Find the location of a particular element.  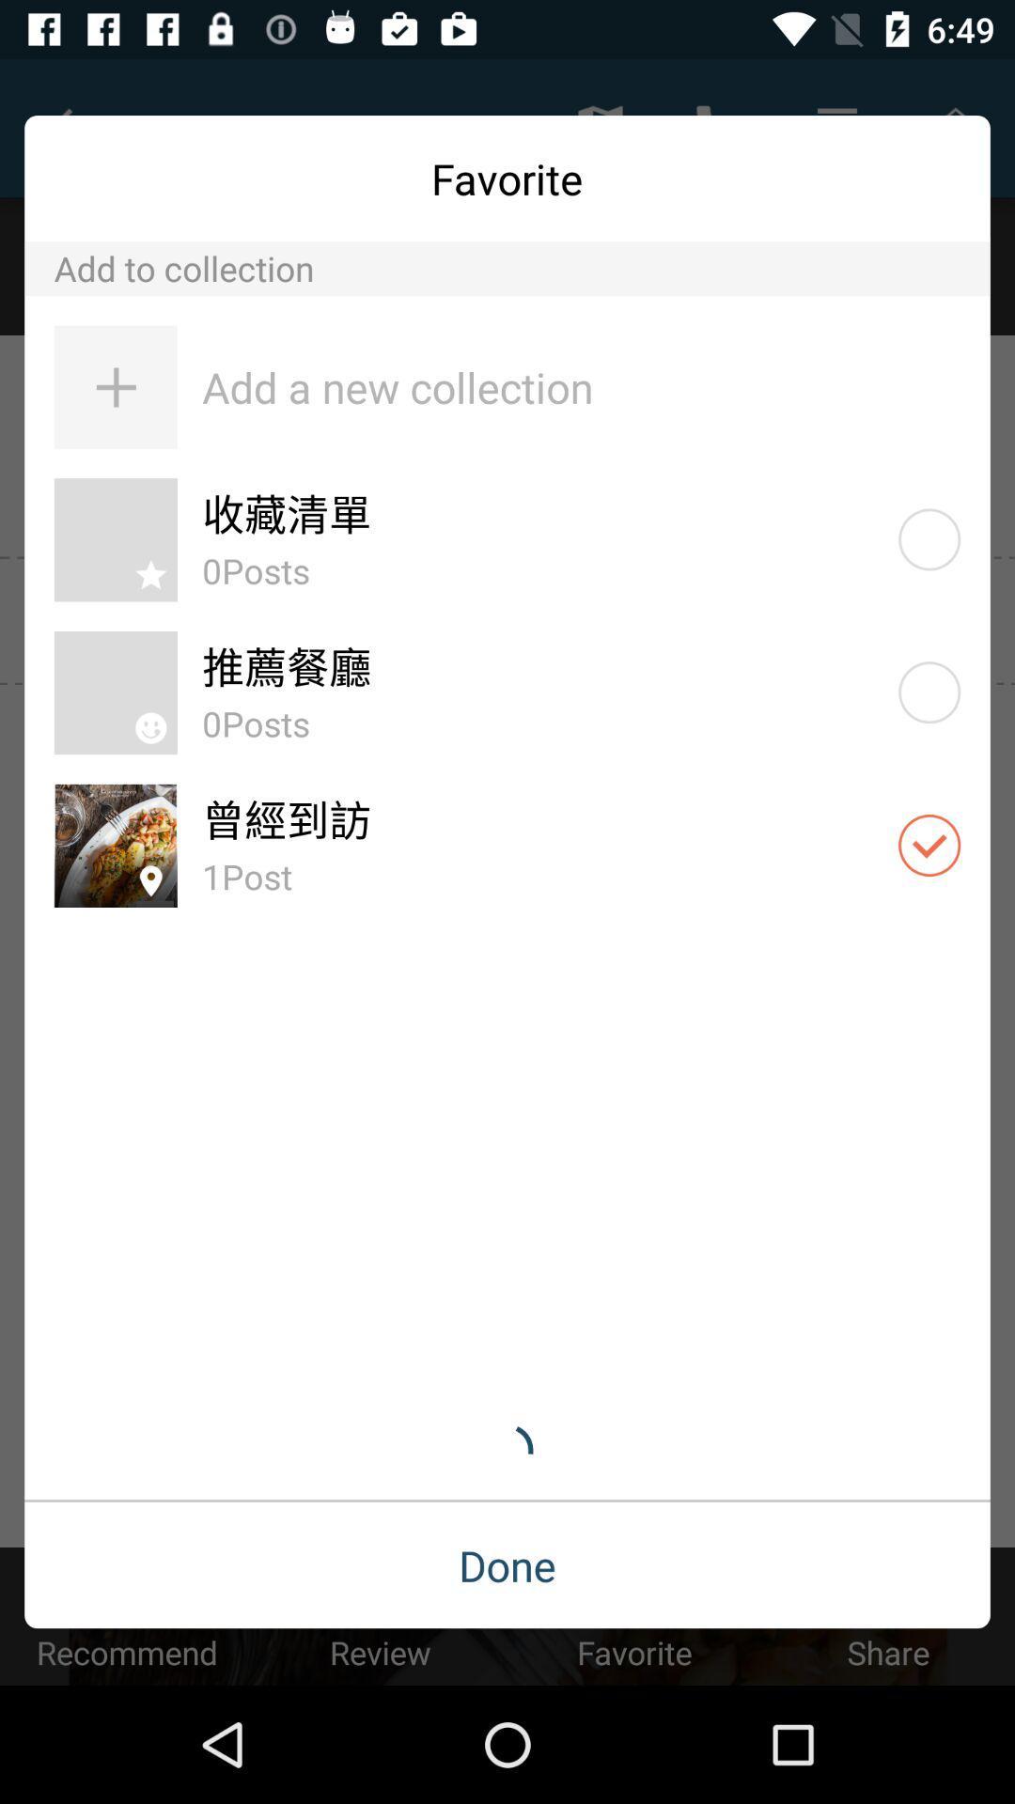

the done item is located at coordinates (507, 1565).